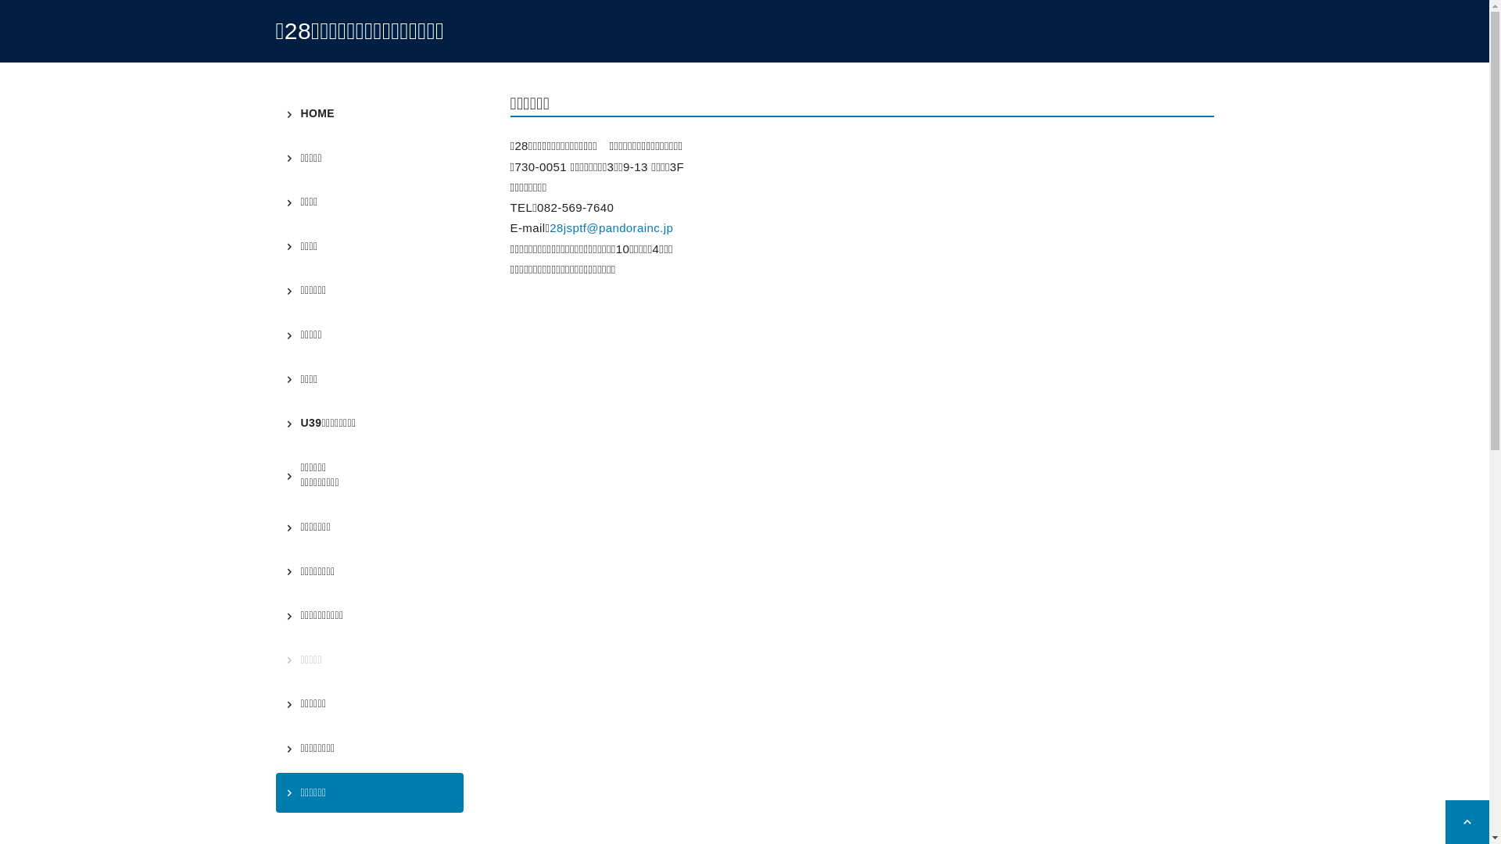  Describe the element at coordinates (367, 113) in the screenshot. I see `'HOME'` at that location.